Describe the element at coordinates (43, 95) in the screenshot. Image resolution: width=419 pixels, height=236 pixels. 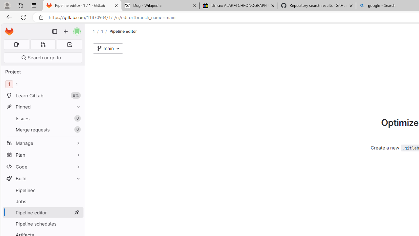
I see `'Learn GitLab8%'` at that location.